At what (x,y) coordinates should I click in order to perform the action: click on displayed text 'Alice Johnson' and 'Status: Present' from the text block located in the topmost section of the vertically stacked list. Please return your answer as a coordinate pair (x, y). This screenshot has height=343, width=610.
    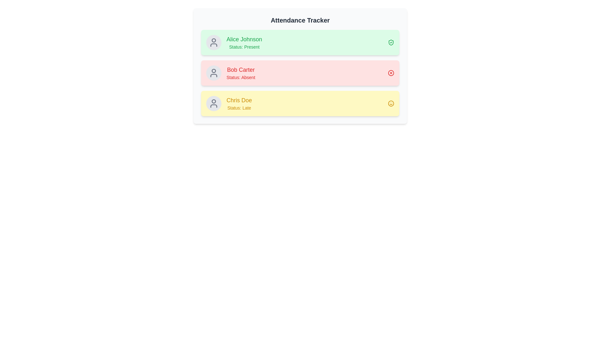
    Looking at the image, I should click on (244, 43).